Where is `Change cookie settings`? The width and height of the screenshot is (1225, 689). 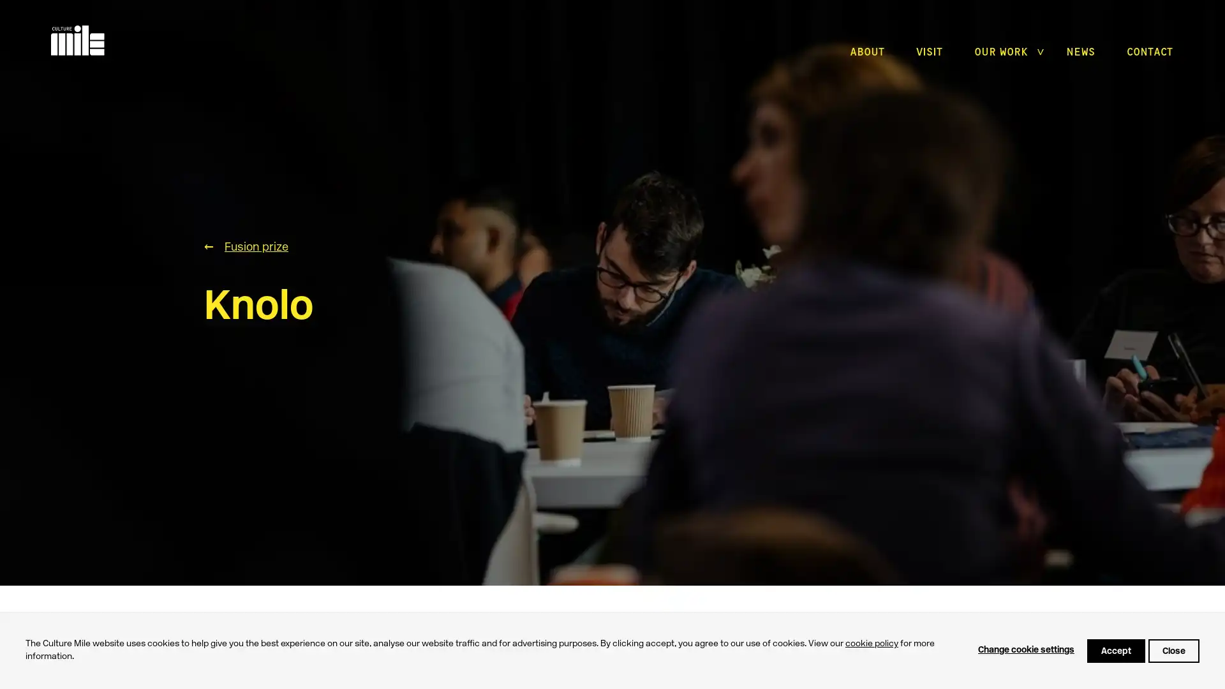
Change cookie settings is located at coordinates (1026, 650).